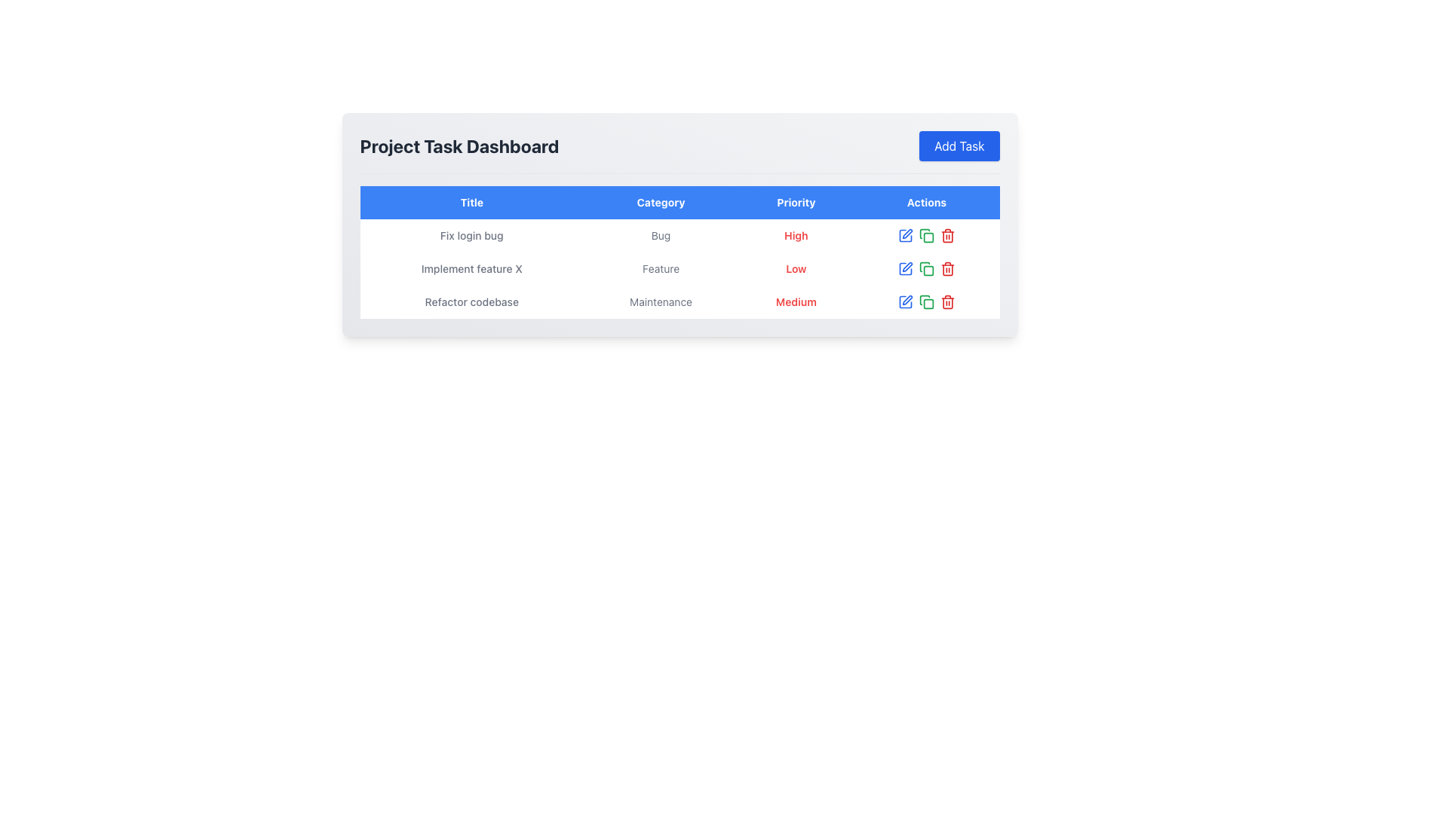 The image size is (1448, 814). What do you see at coordinates (679, 302) in the screenshot?
I see `the 'Maintenance' text in the task row titled 'Refactor codebase' to filter tasks by category` at bounding box center [679, 302].